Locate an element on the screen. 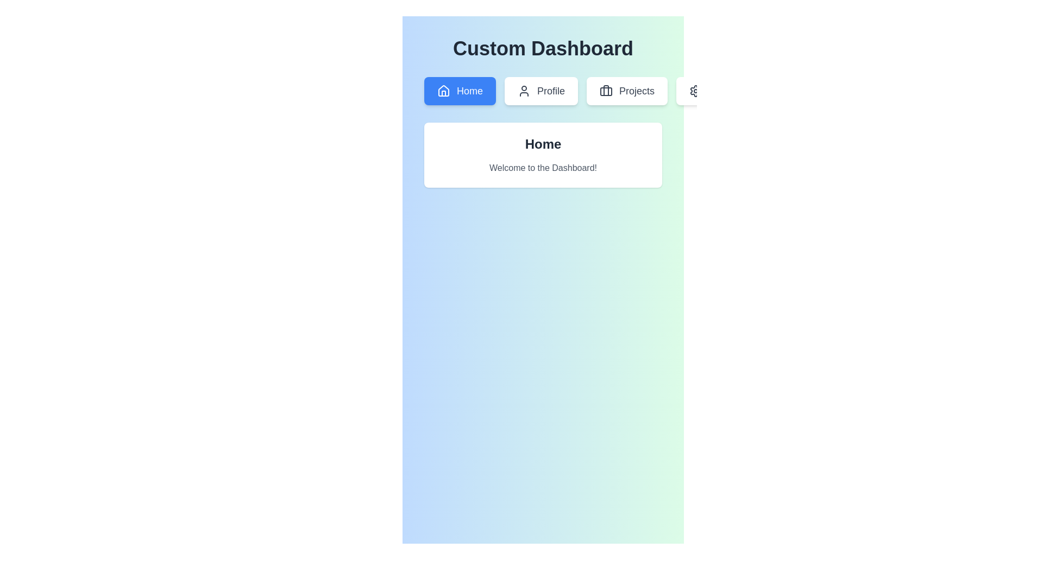 This screenshot has height=586, width=1043. the settings icon represented by a cogwheel-like decorative graphical element located at the top right of the interface, adjacent to the navigation bar is located at coordinates (696, 91).